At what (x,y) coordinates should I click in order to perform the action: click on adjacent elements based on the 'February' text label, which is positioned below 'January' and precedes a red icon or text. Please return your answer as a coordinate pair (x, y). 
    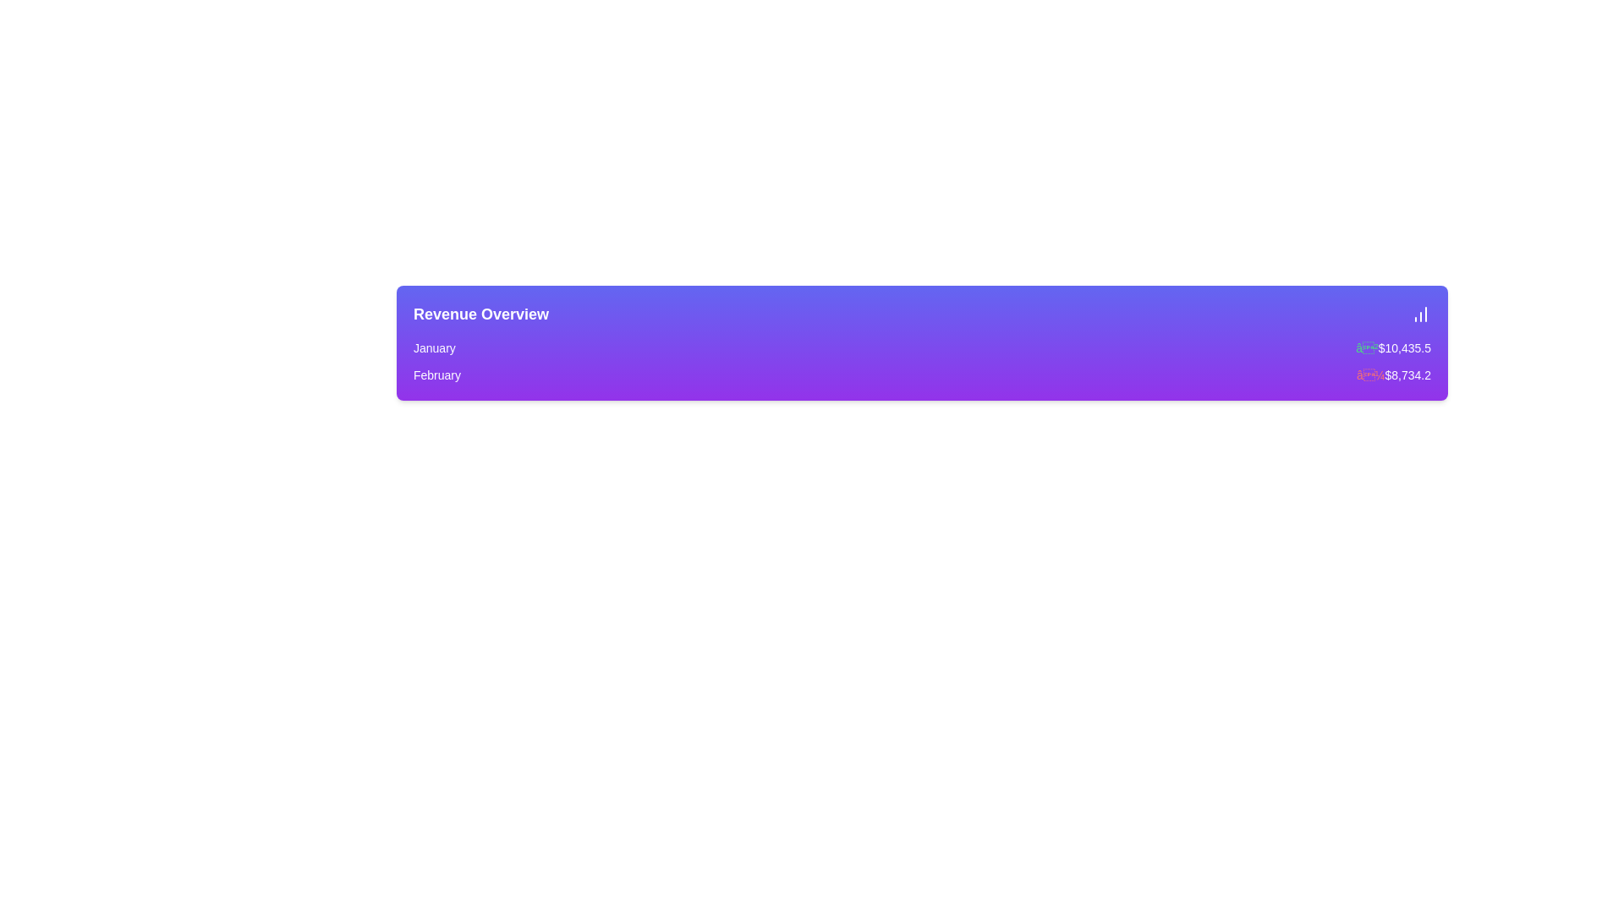
    Looking at the image, I should click on (437, 374).